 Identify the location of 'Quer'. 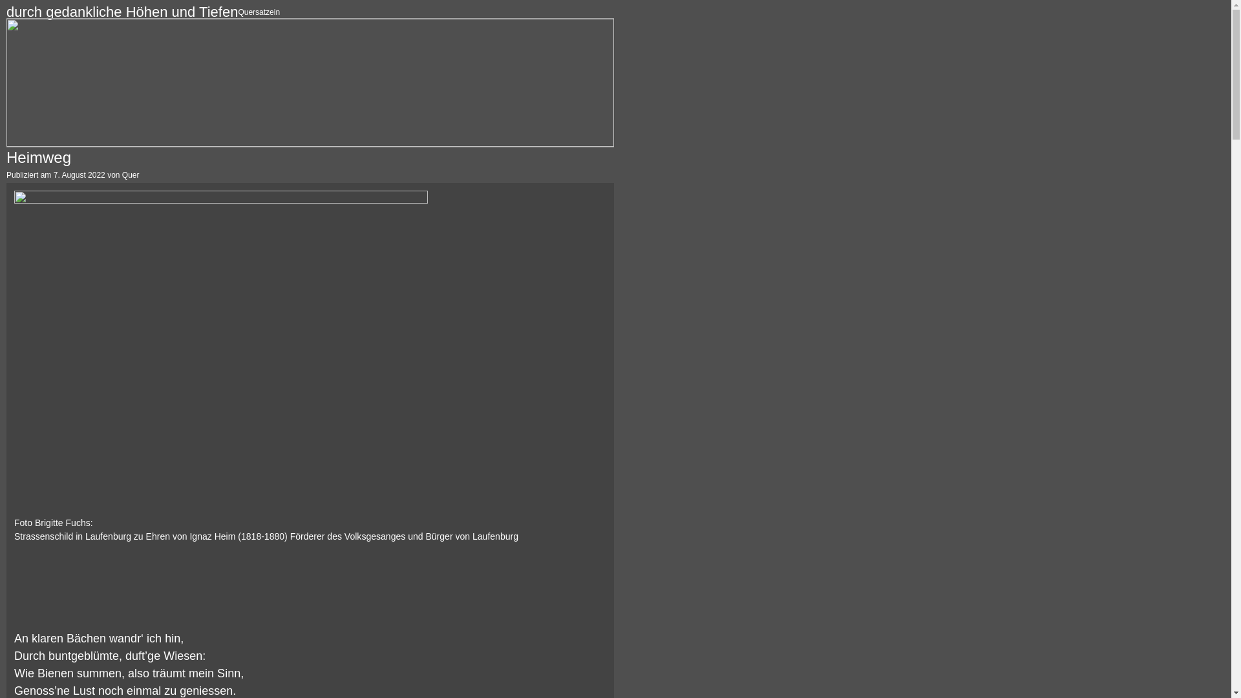
(131, 174).